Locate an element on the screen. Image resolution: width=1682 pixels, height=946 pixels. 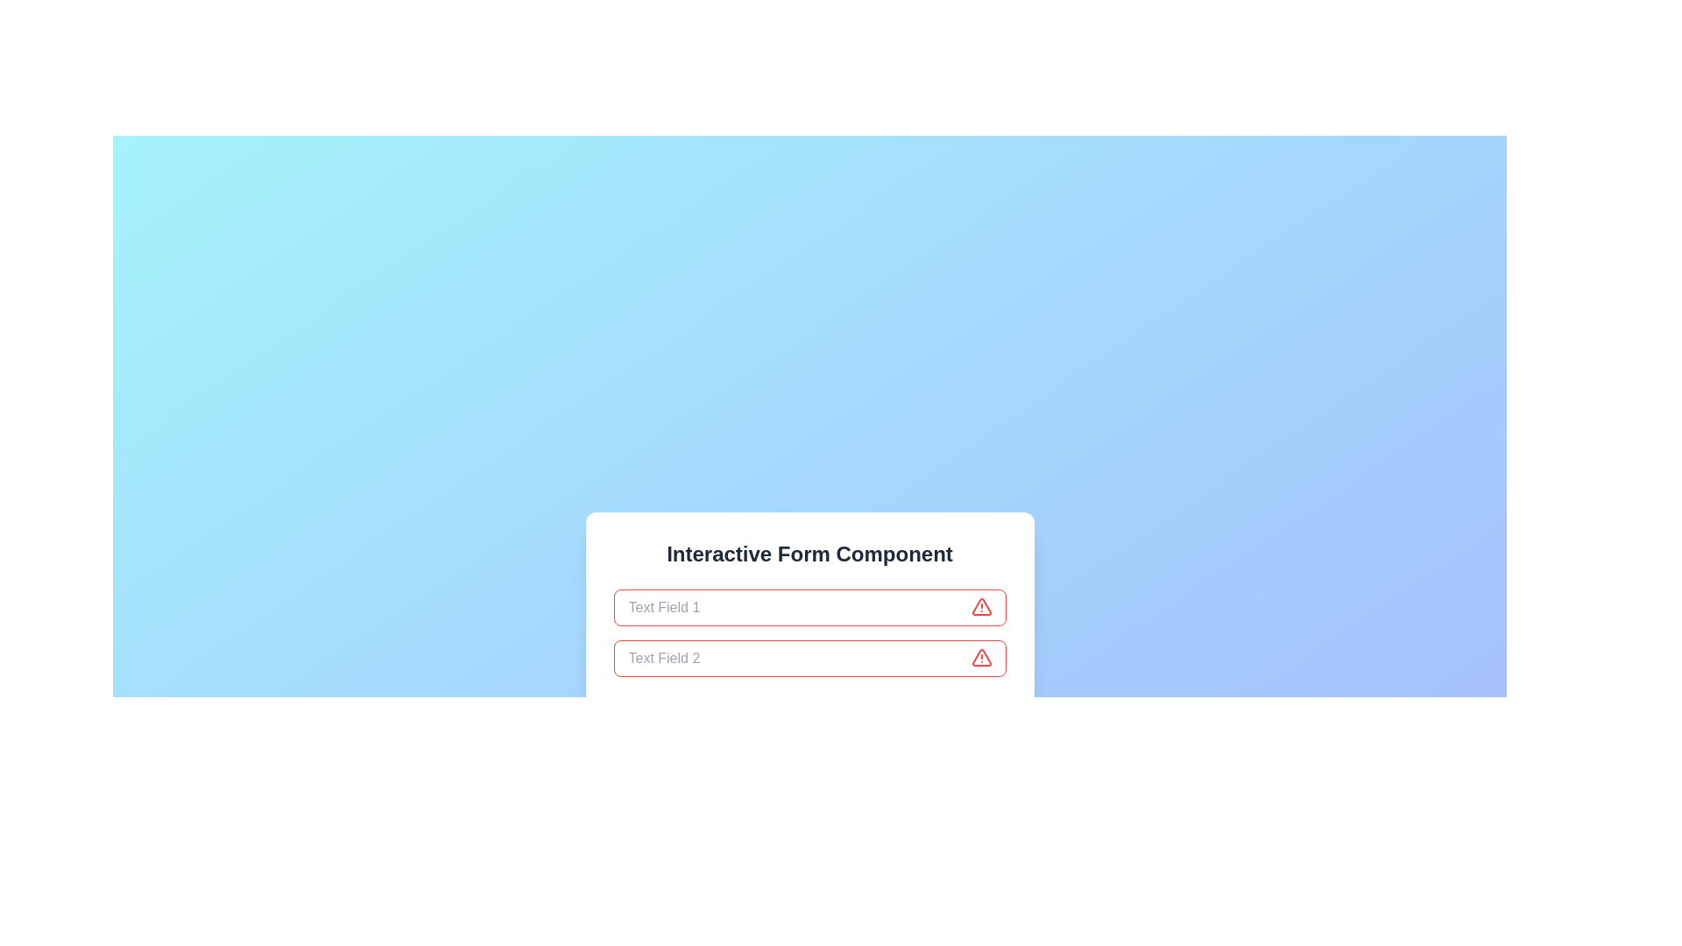
the alert icon positioned to the right of 'Text Field 2' is located at coordinates (981, 658).